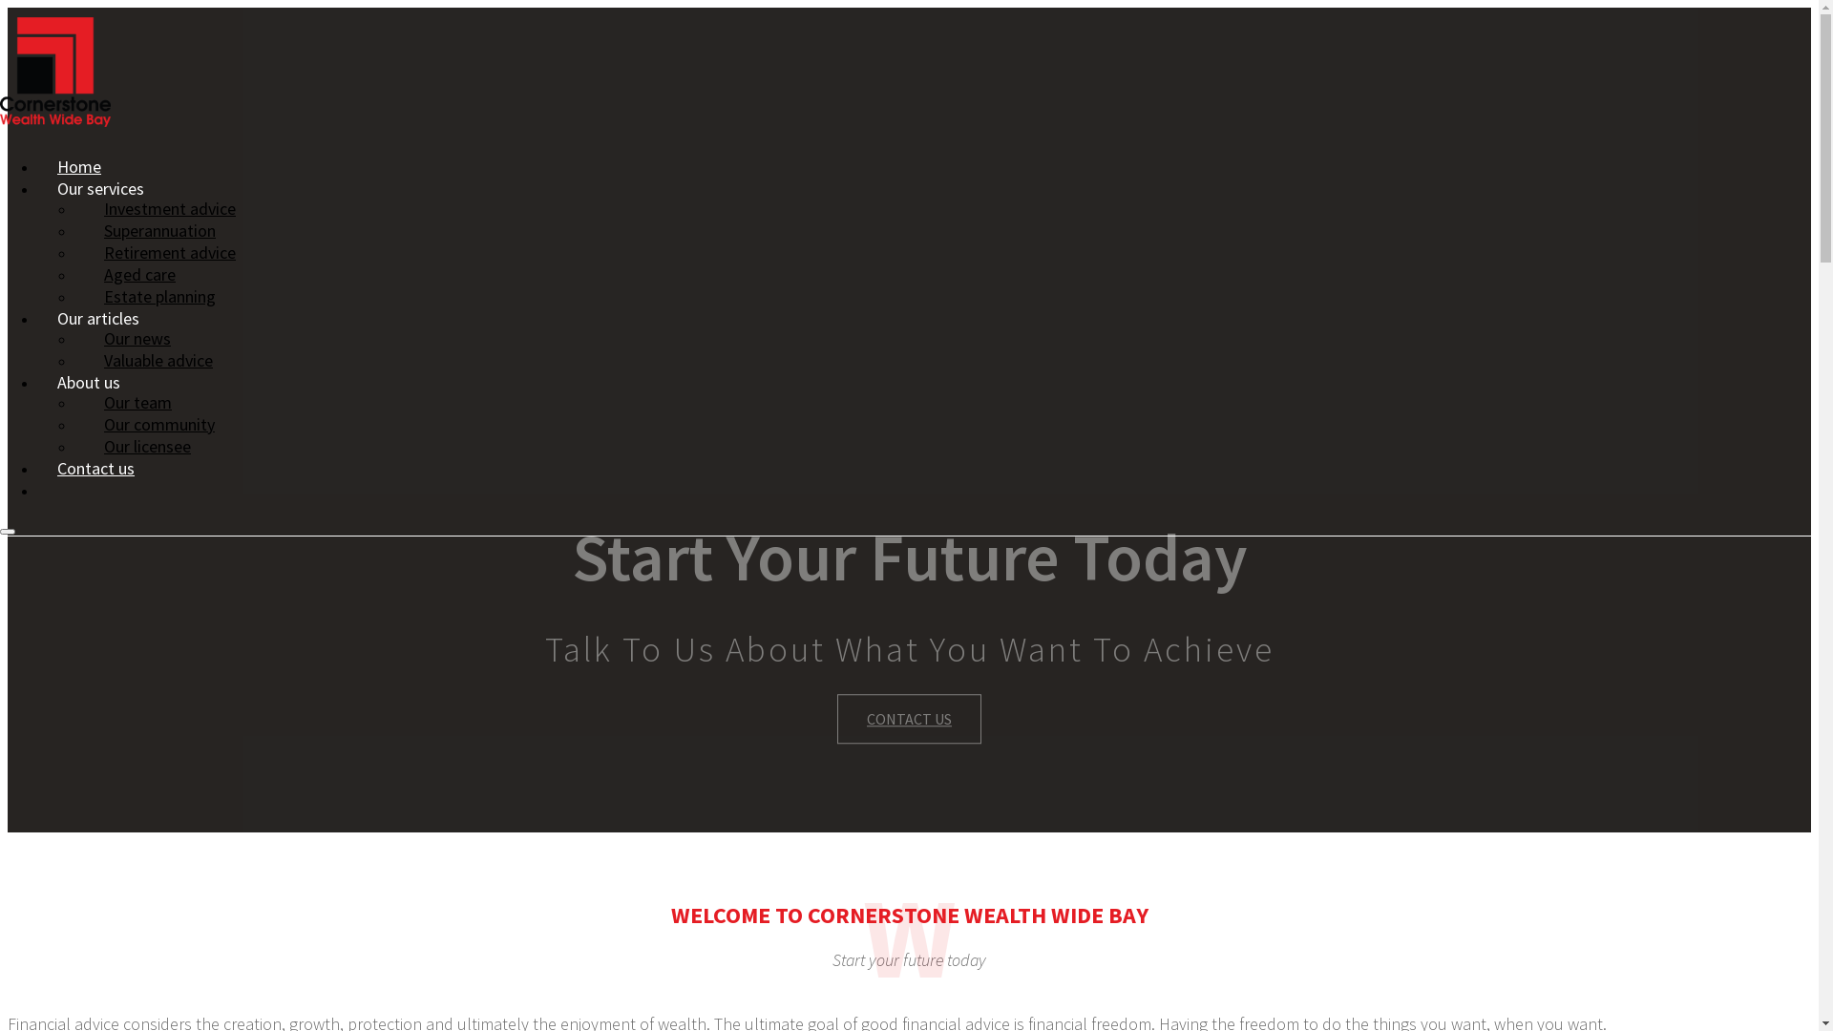  Describe the element at coordinates (74, 274) in the screenshot. I see `'Aged care'` at that location.